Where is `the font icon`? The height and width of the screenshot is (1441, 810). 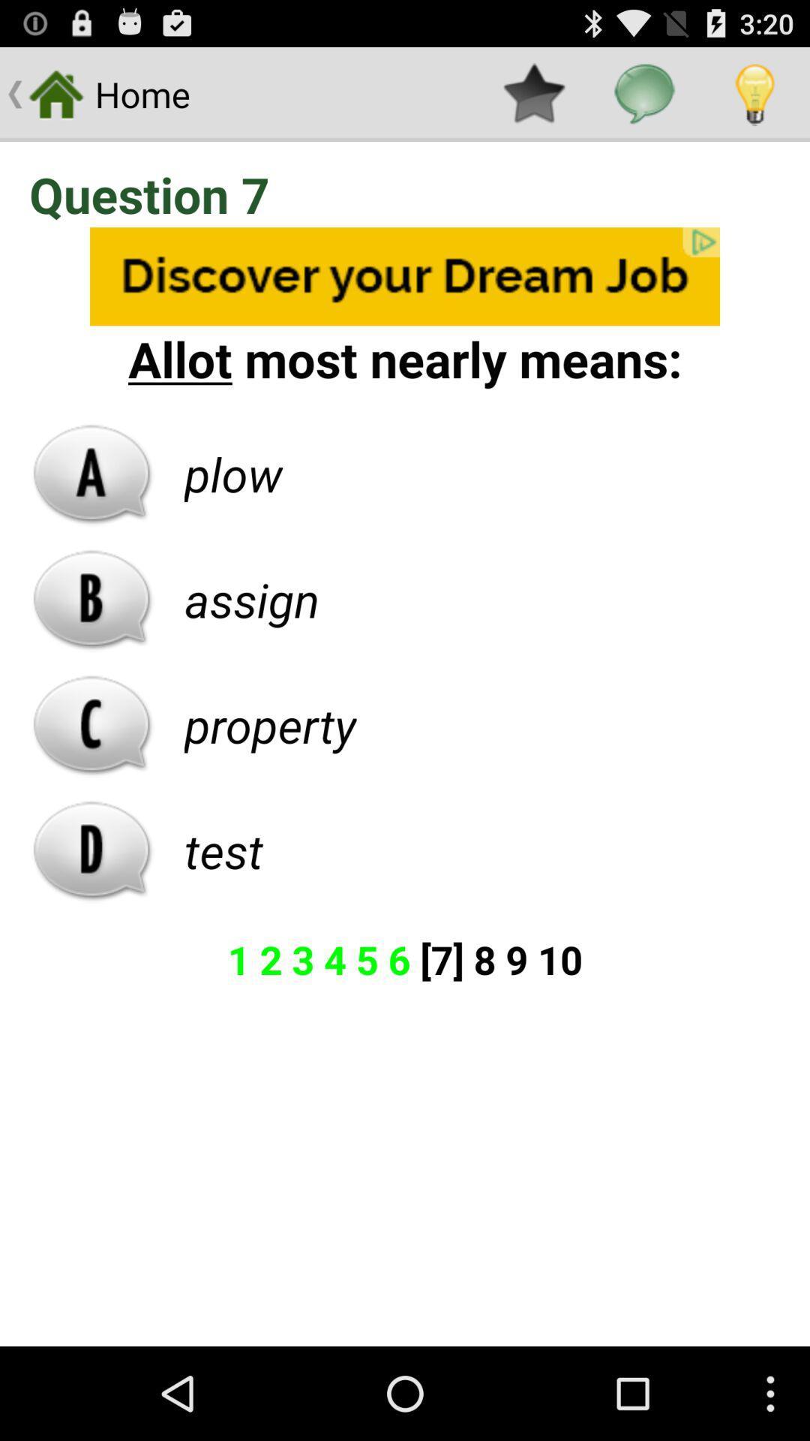
the font icon is located at coordinates (92, 507).